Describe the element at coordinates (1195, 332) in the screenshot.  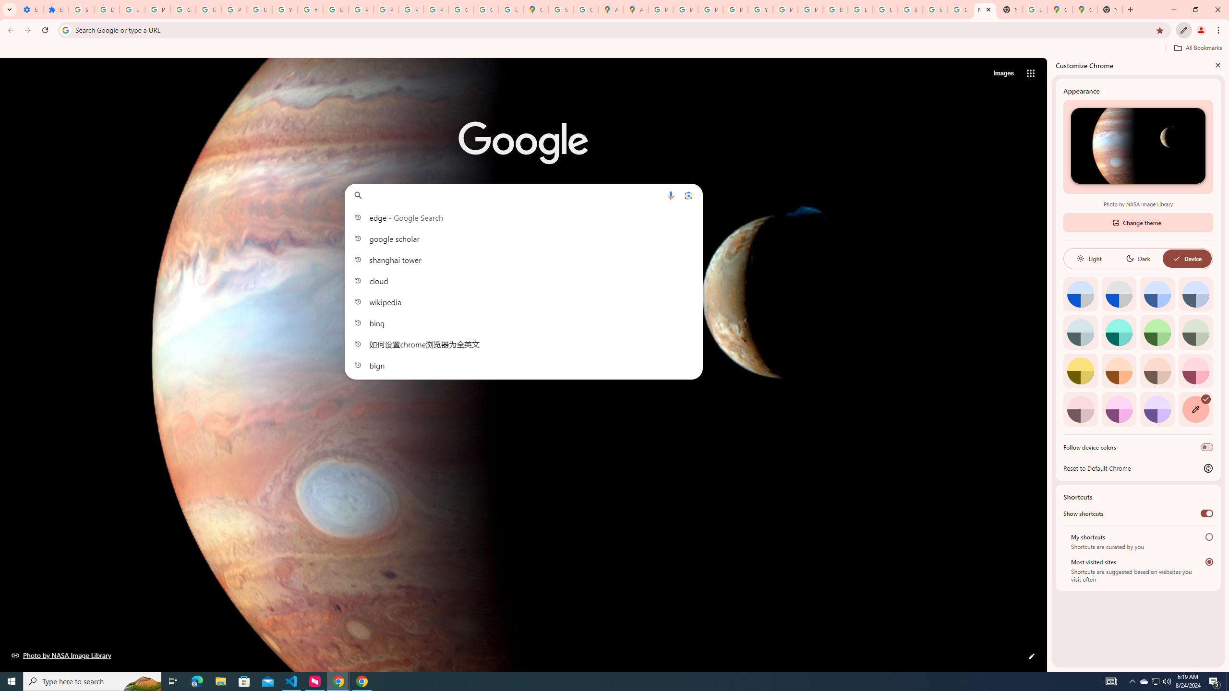
I see `'Viridian'` at that location.